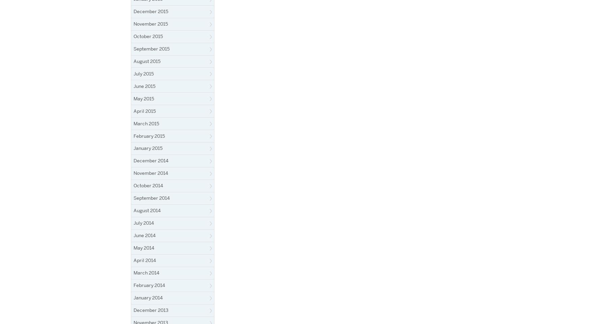 This screenshot has width=607, height=324. Describe the element at coordinates (134, 135) in the screenshot. I see `'February 2015'` at that location.